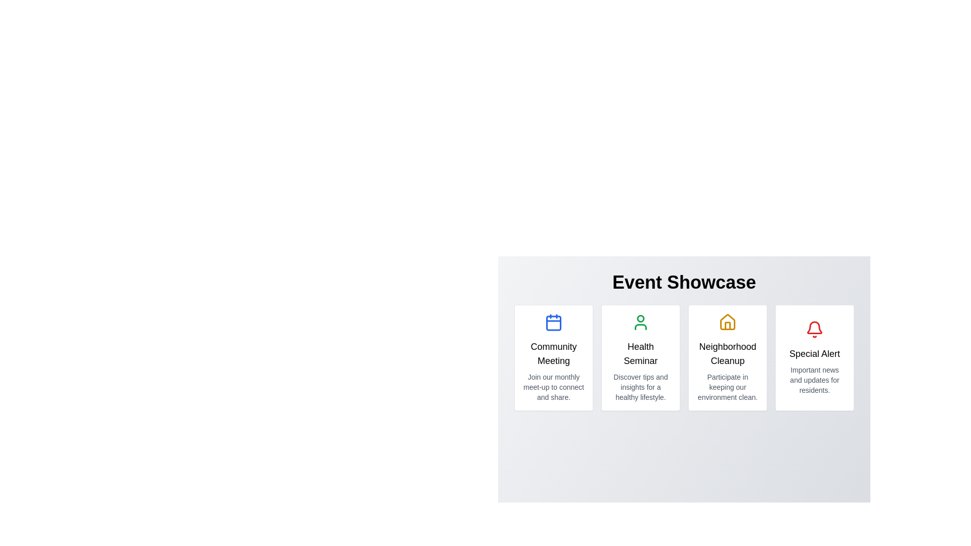 This screenshot has height=546, width=971. I want to click on the descriptive text element that provides information about the 'Community Meeting' event, positioned directly below the heading within its card layout, so click(553, 387).